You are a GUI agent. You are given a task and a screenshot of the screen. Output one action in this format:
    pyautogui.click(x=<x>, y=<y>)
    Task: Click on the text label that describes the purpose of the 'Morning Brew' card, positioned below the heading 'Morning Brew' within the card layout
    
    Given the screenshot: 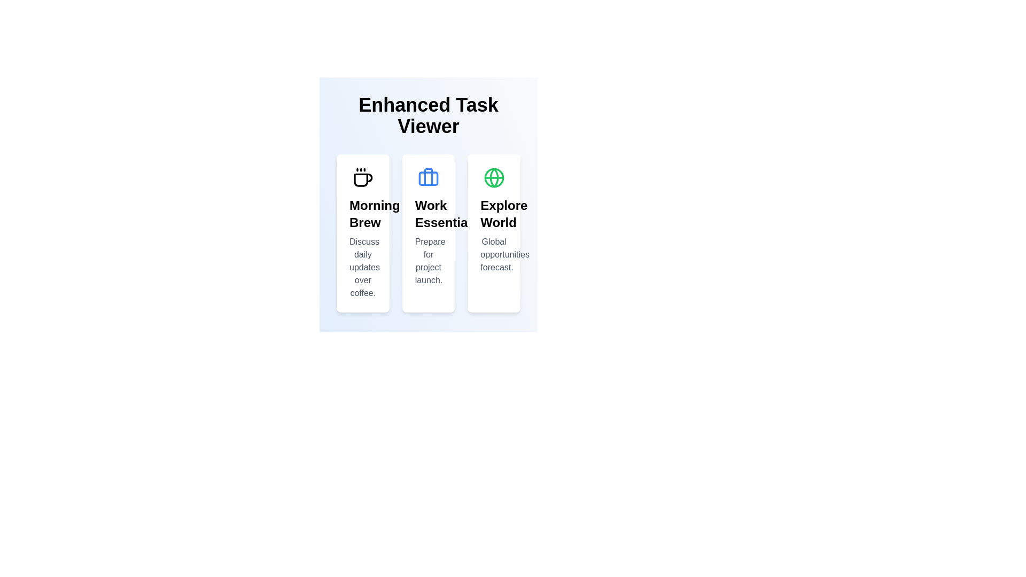 What is the action you would take?
    pyautogui.click(x=363, y=267)
    